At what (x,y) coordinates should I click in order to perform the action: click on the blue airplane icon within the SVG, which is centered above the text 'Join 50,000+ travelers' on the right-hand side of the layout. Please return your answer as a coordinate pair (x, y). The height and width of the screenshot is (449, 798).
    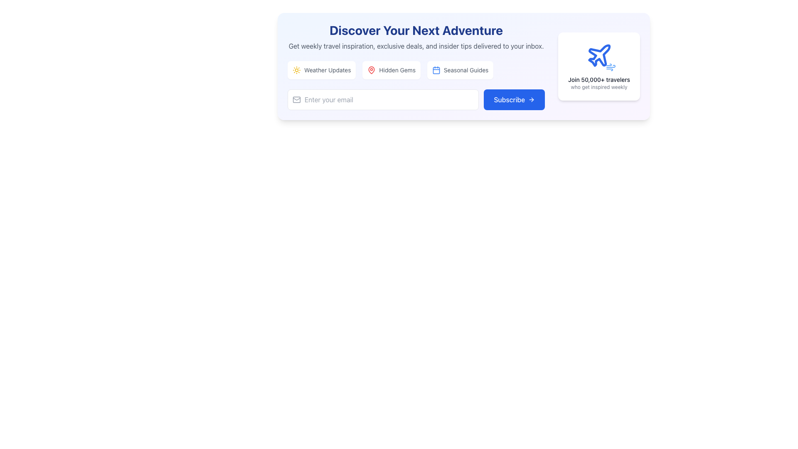
    Looking at the image, I should click on (599, 55).